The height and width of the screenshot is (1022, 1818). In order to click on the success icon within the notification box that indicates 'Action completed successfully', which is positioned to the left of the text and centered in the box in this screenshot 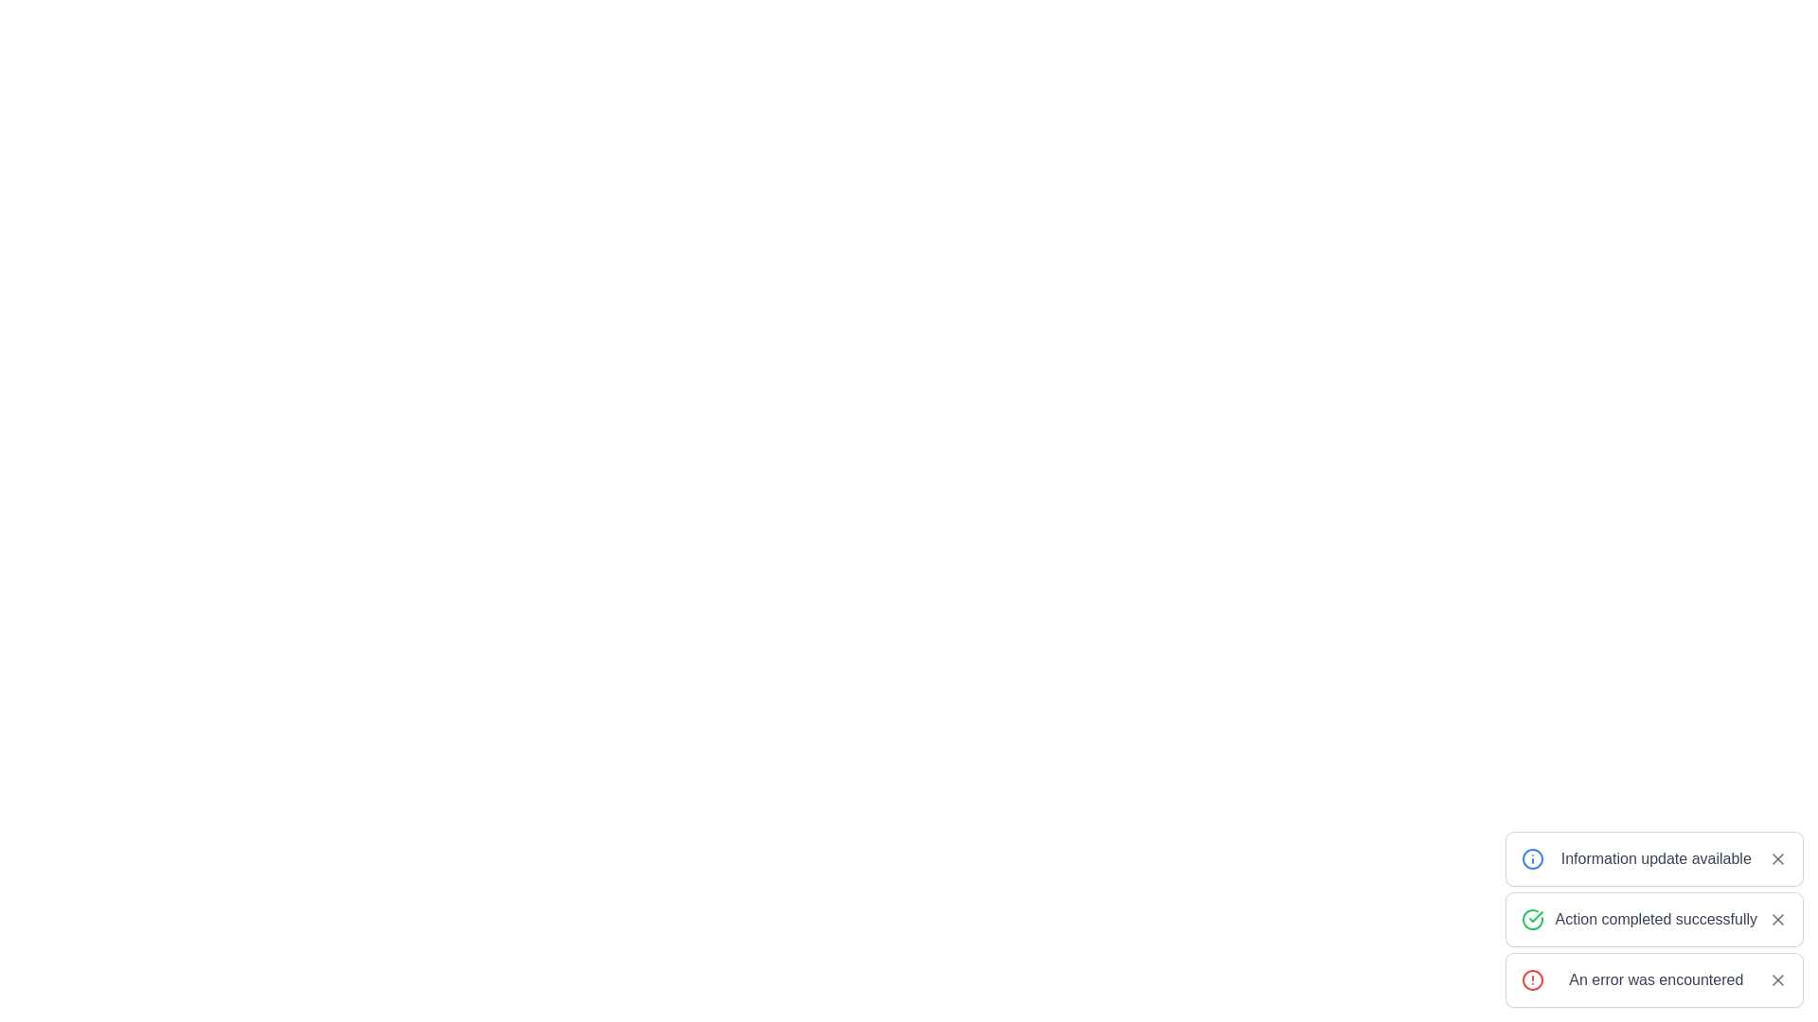, I will do `click(1532, 919)`.